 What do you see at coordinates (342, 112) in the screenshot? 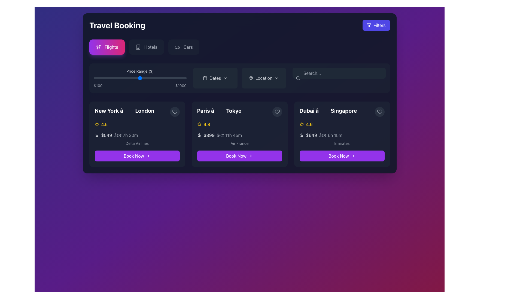
I see `the text label that highlights the travel route of the flight in the last card on the right-hand side of the horizontal stack of flight cards` at bounding box center [342, 112].